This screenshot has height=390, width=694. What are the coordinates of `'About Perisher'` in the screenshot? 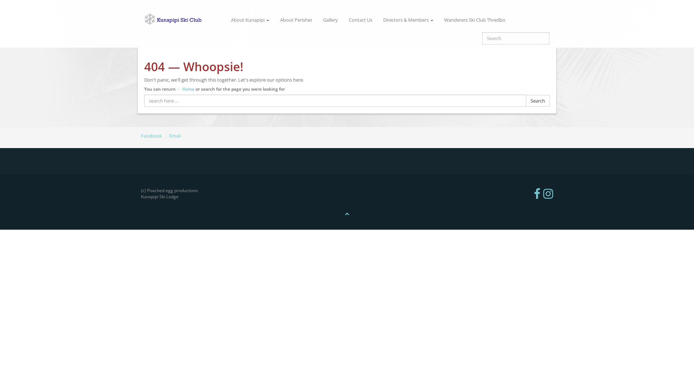 It's located at (296, 19).